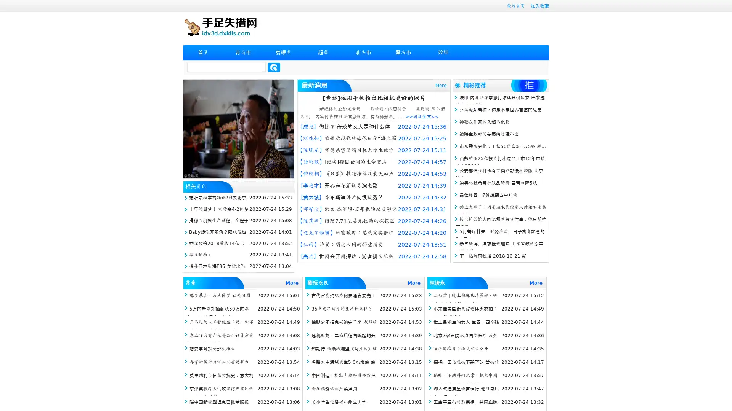 The width and height of the screenshot is (732, 411). What do you see at coordinates (274, 67) in the screenshot?
I see `Search` at bounding box center [274, 67].